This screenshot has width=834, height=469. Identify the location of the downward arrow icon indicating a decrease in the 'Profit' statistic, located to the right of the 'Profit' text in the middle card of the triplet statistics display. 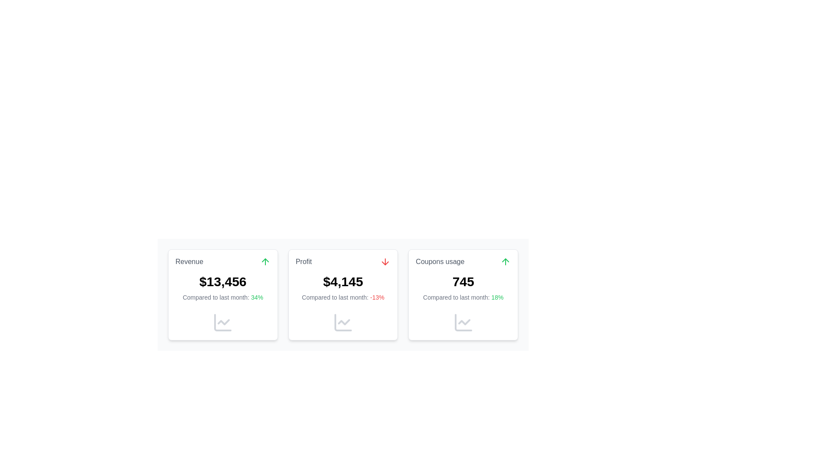
(385, 261).